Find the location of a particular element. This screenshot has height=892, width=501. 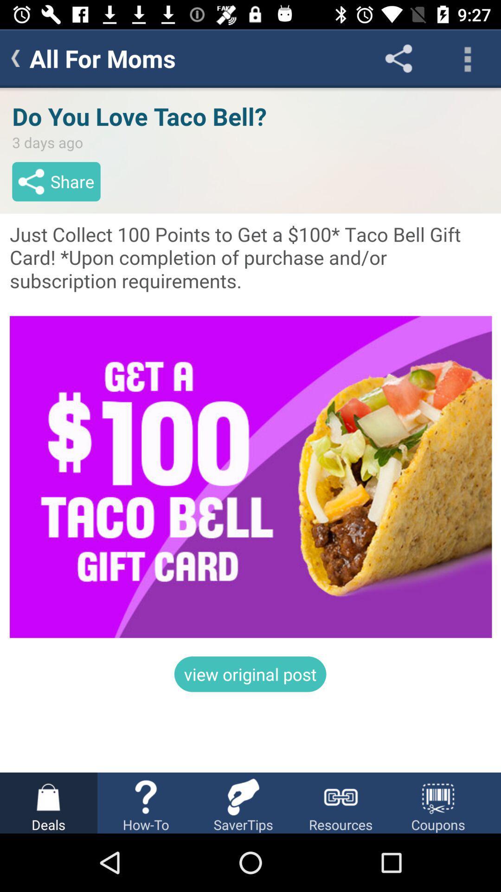

the text view original post is located at coordinates (250, 674).